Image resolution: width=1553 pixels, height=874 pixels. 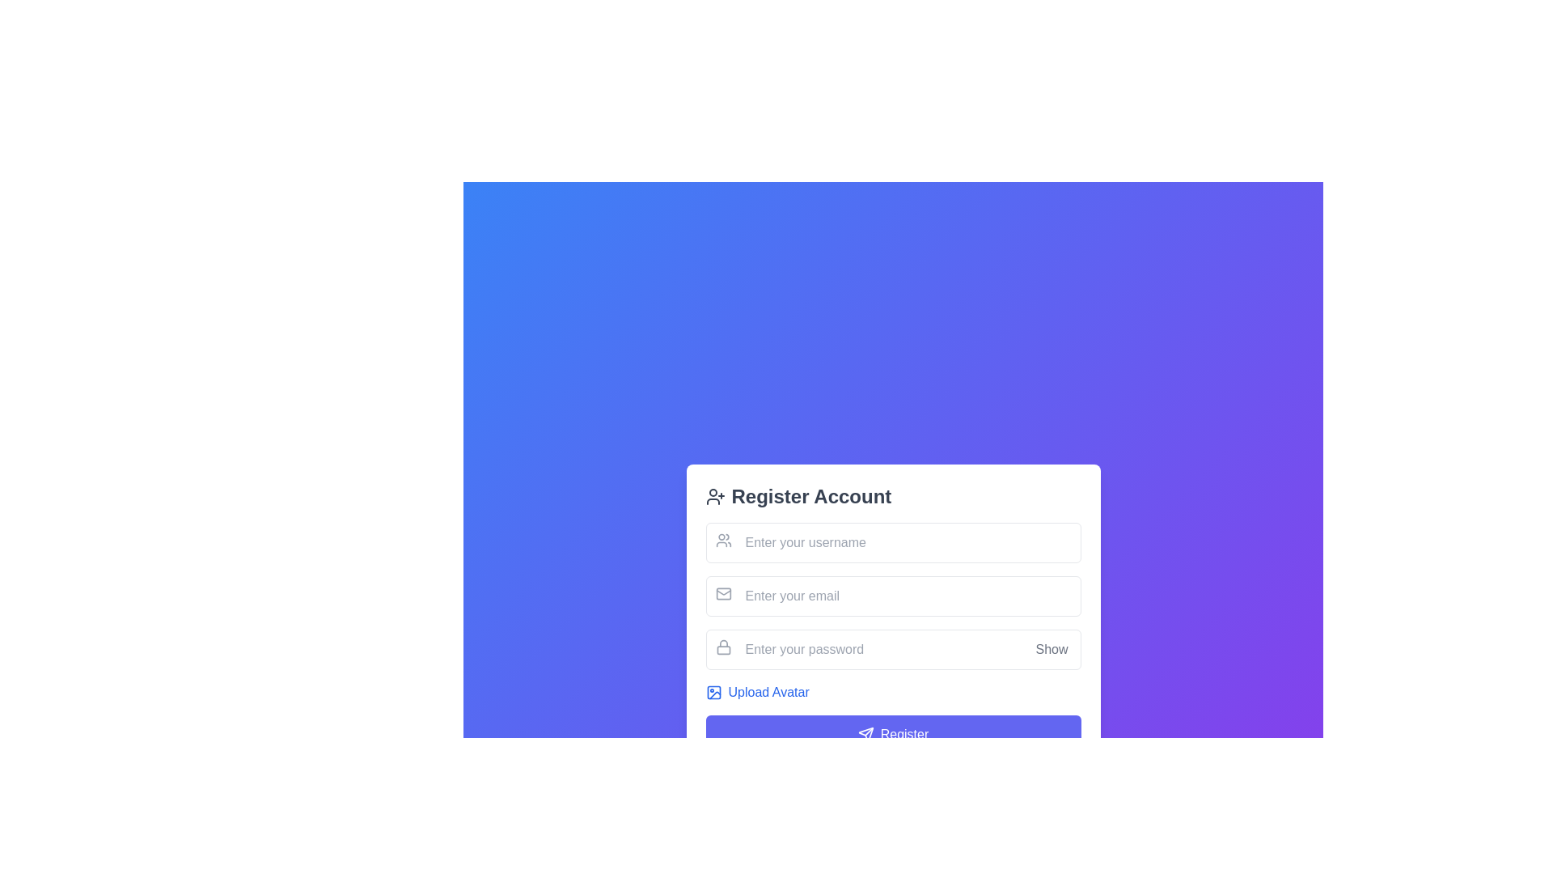 What do you see at coordinates (756, 692) in the screenshot?
I see `the 'Upload Avatar' button, which is a rectangular button with blue text and an image frame icon` at bounding box center [756, 692].